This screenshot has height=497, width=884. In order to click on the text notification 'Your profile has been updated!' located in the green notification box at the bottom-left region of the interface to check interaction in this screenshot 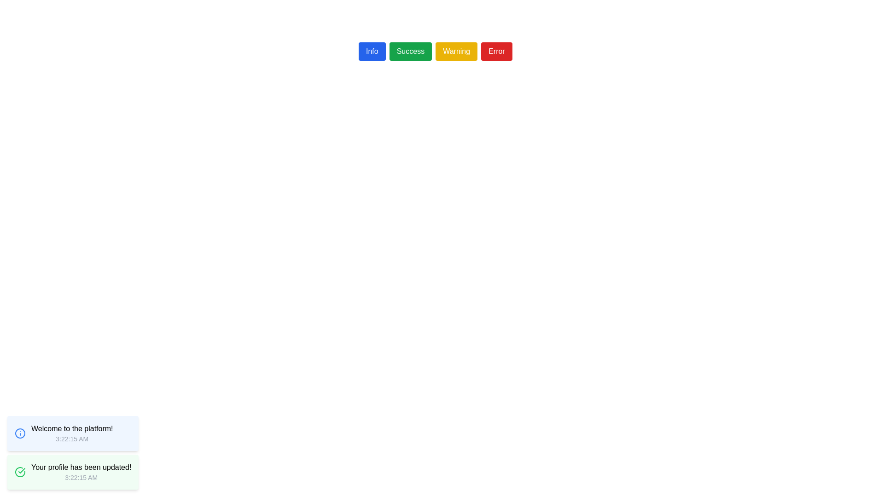, I will do `click(81, 467)`.